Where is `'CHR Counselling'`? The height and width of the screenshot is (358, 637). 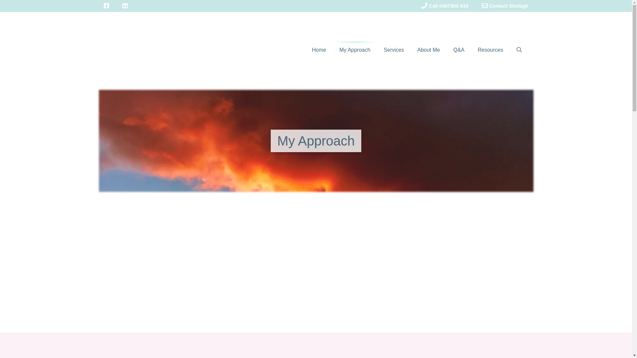 'CHR Counselling' is located at coordinates (160, 49).